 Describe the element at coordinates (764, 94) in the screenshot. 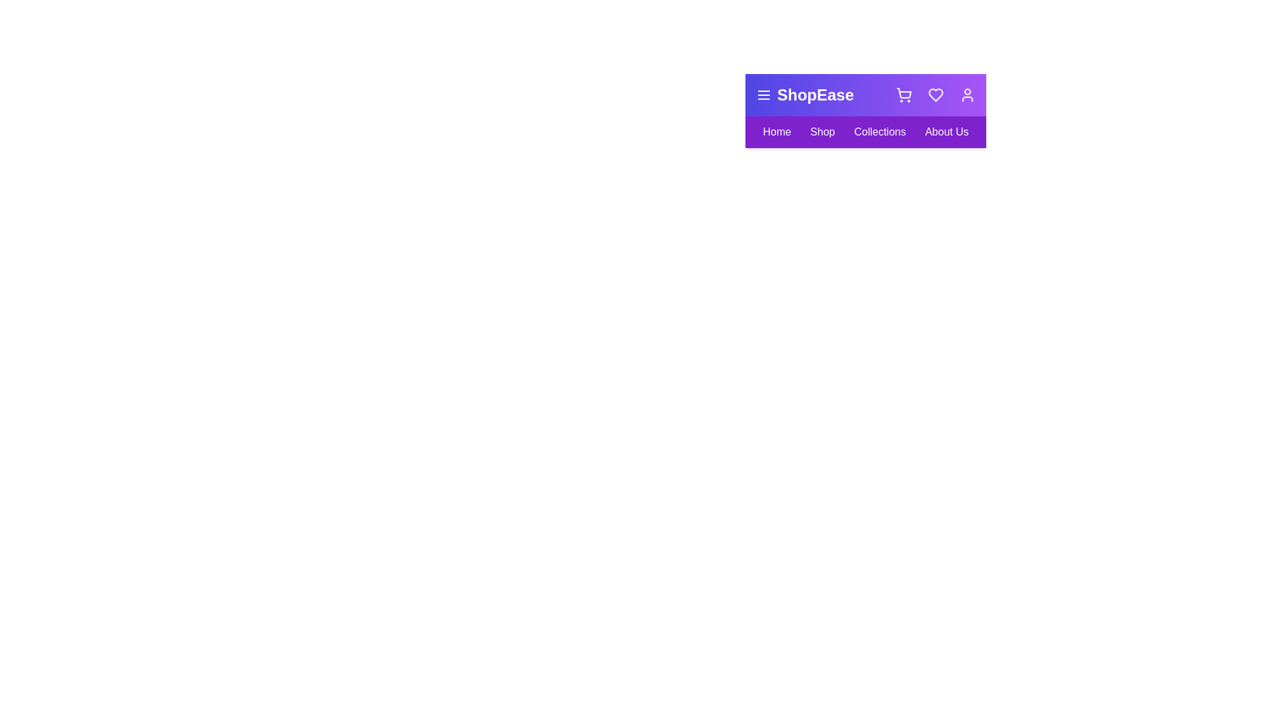

I see `the menu button to toggle the menu visibility` at that location.